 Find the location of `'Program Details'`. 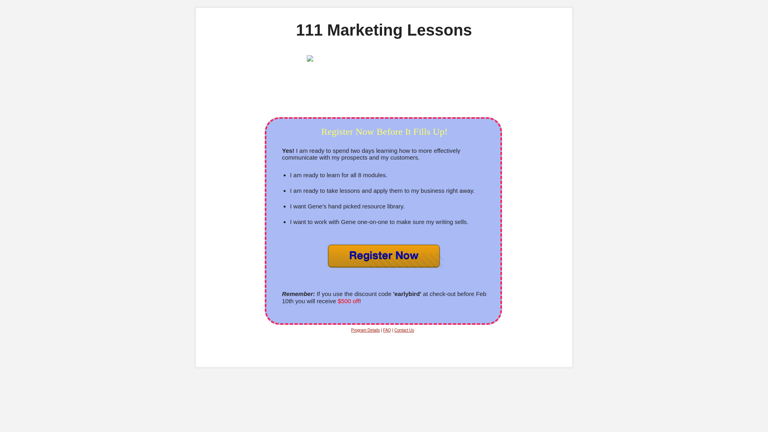

'Program Details' is located at coordinates (365, 330).